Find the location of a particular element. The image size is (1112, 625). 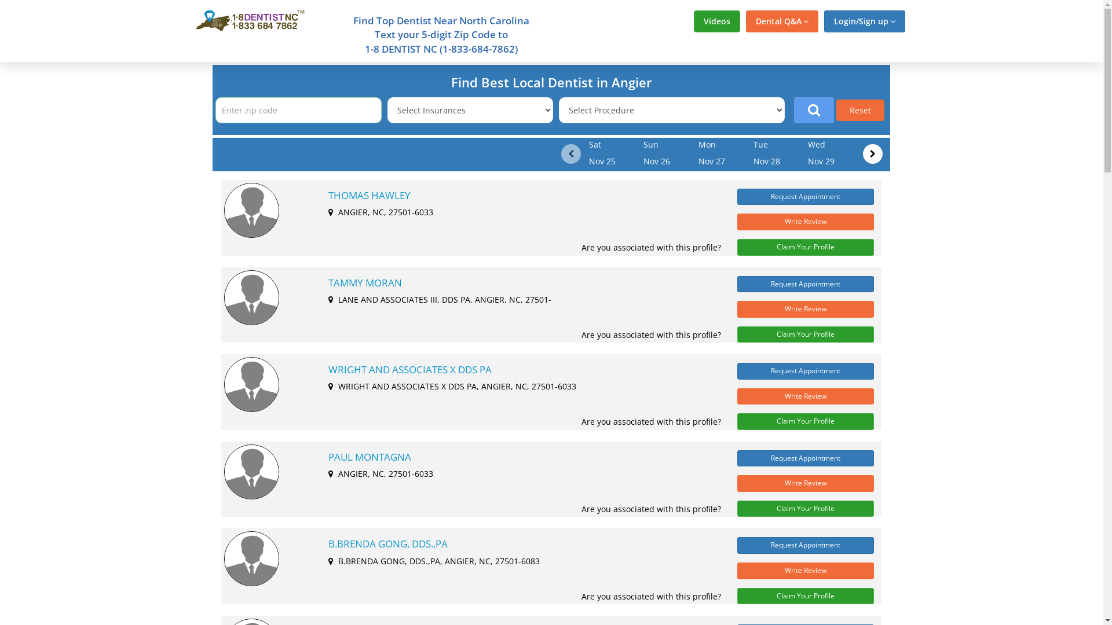

'Videos' is located at coordinates (716, 21).